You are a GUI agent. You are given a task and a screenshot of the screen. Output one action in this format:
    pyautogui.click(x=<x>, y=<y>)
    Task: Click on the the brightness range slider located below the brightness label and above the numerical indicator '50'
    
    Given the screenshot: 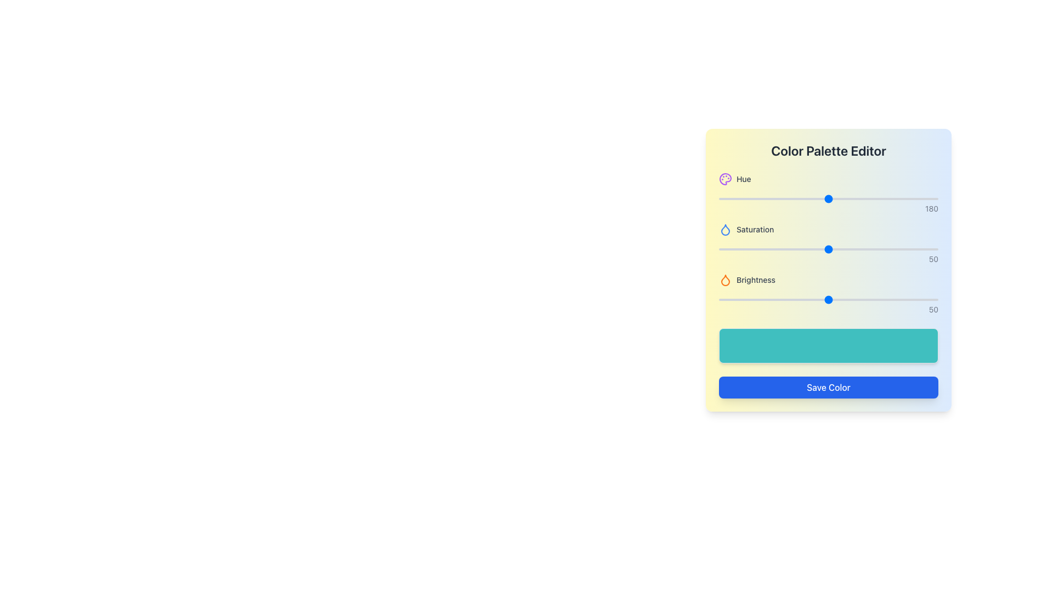 What is the action you would take?
    pyautogui.click(x=829, y=300)
    